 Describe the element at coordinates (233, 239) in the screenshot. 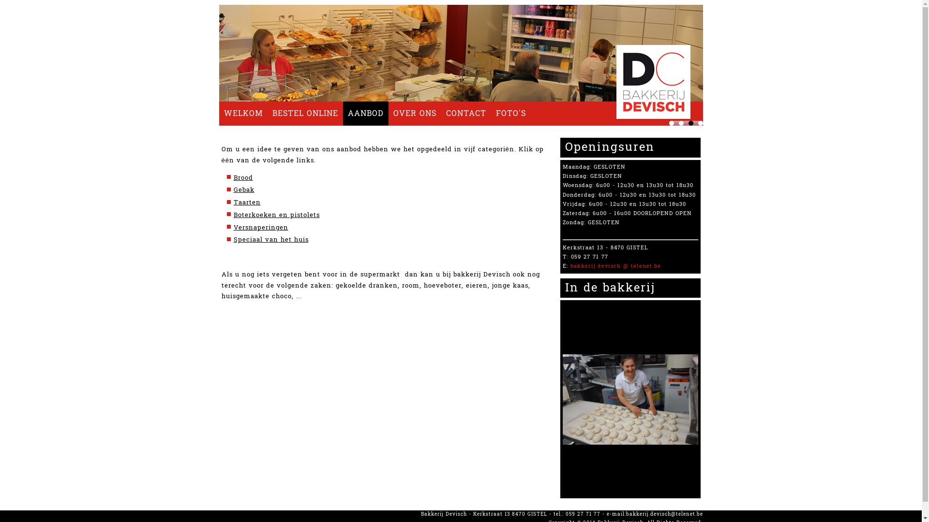

I see `'Speciaal van het huis'` at that location.